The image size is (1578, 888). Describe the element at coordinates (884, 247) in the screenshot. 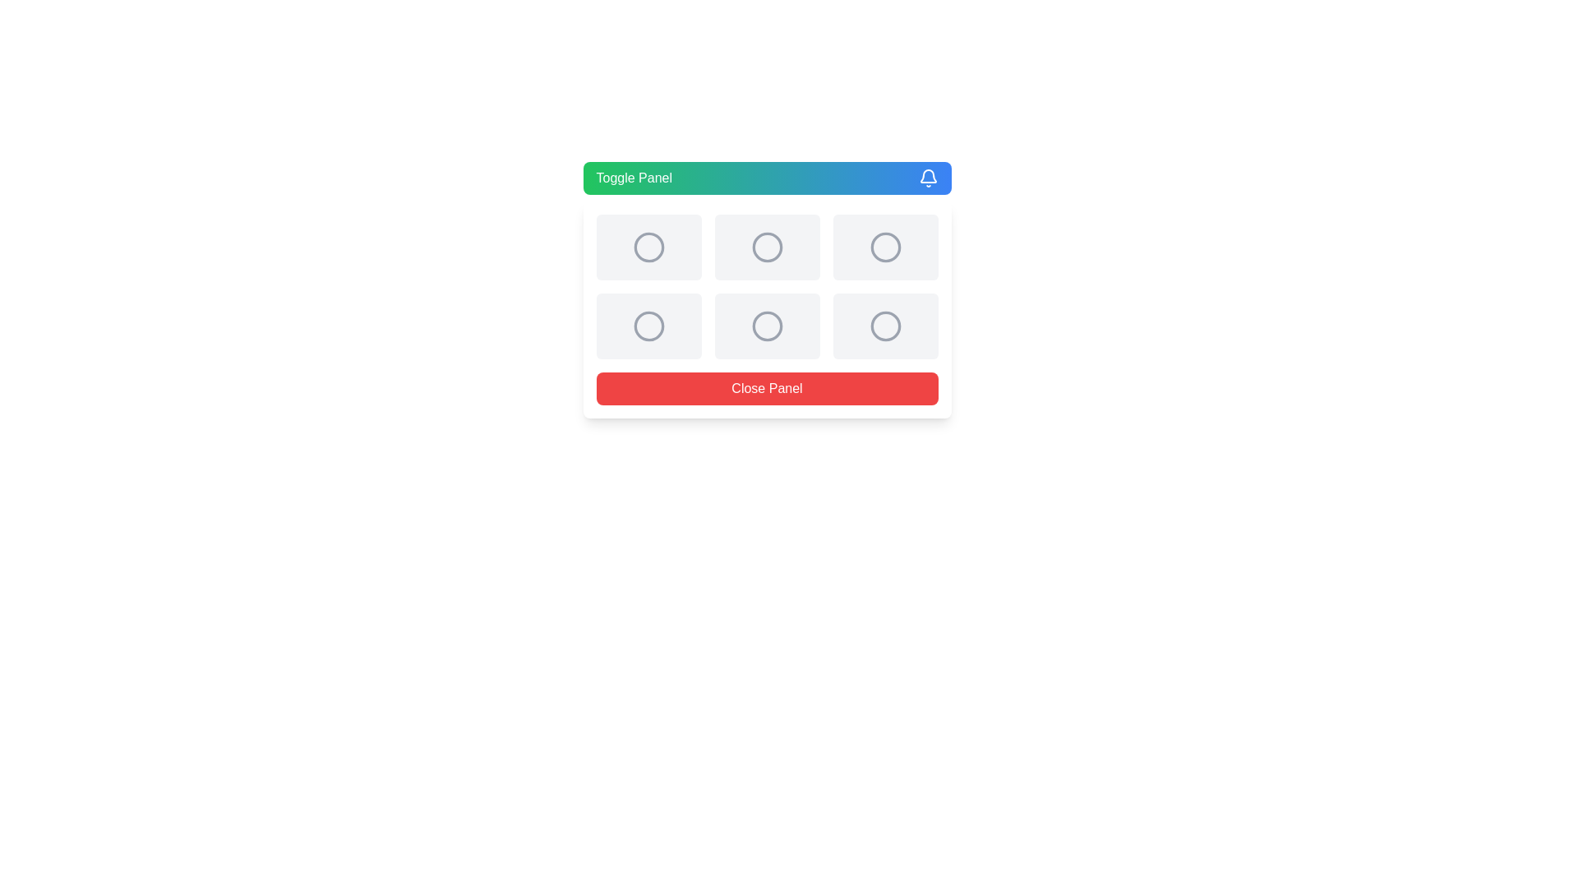

I see `the inactive button or placeholder, which is a square card with rounded corners and a light gray background, located in the third column of the first row of a 3x3 grid layout` at that location.